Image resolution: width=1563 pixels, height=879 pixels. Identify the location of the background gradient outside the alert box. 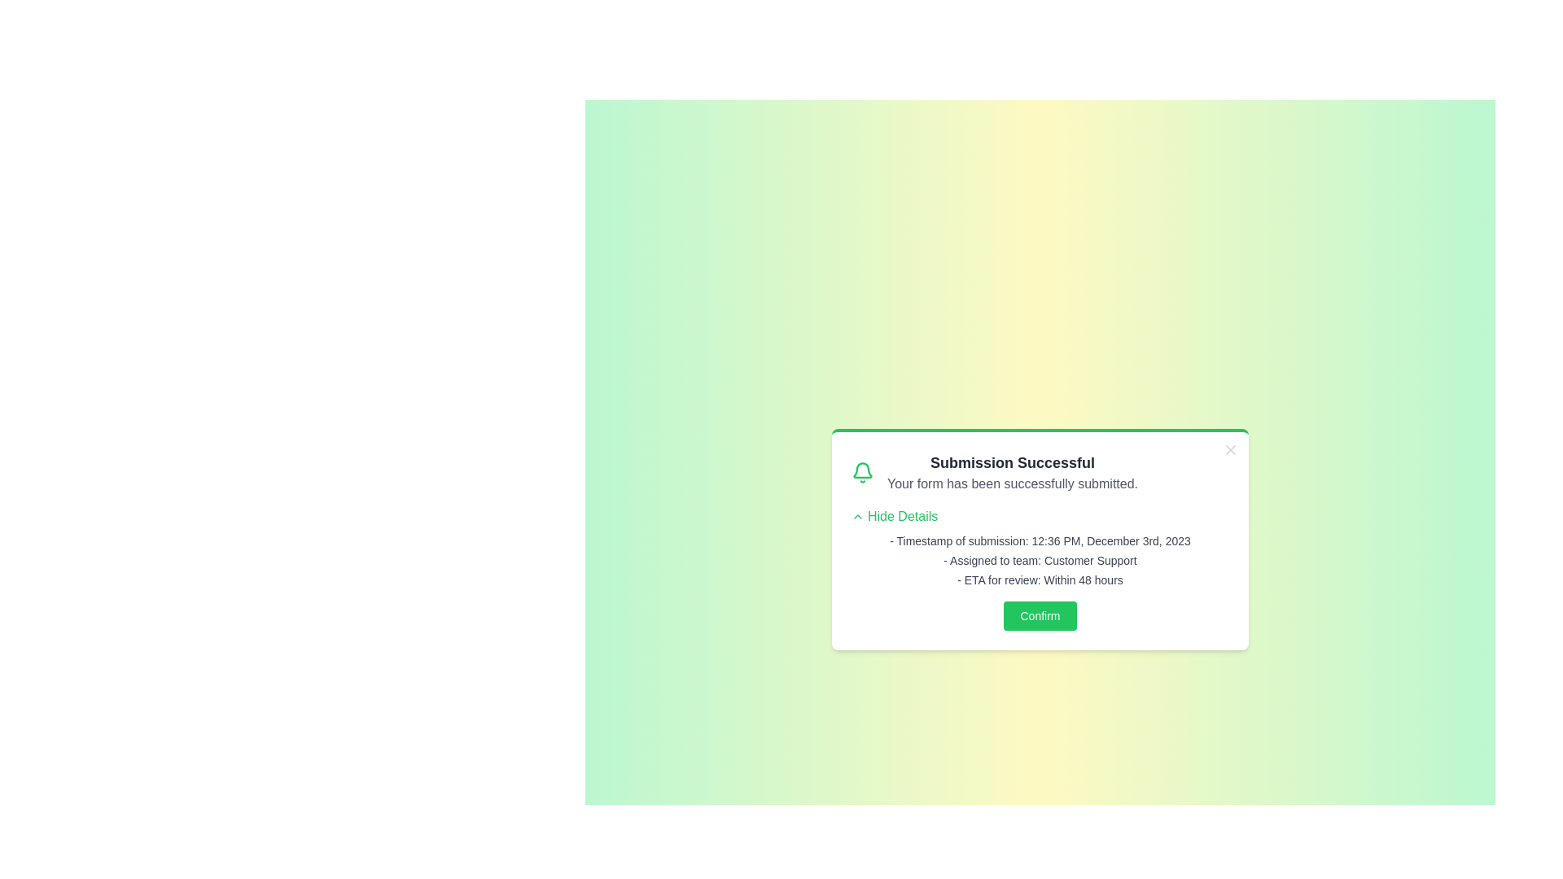
(325, 326).